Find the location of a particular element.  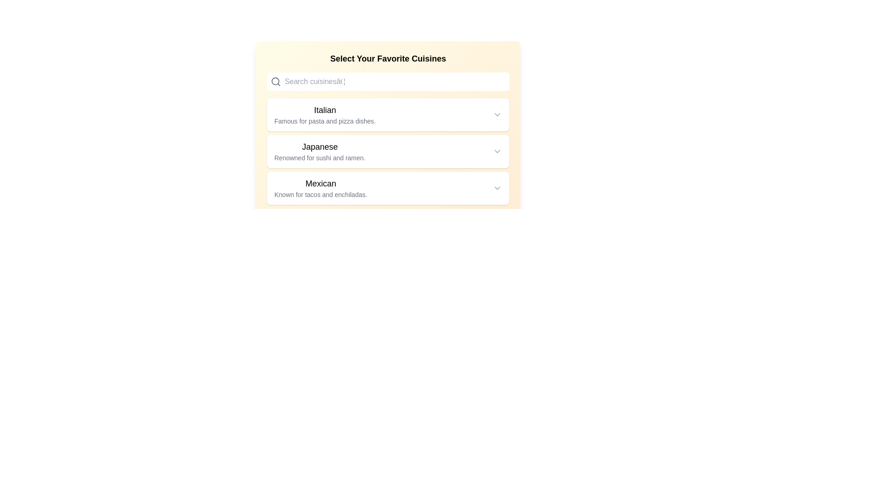

descriptive text element 'Renowned for sushi and ramen.' located directly beneath the 'Japanese' category heading is located at coordinates (320, 157).